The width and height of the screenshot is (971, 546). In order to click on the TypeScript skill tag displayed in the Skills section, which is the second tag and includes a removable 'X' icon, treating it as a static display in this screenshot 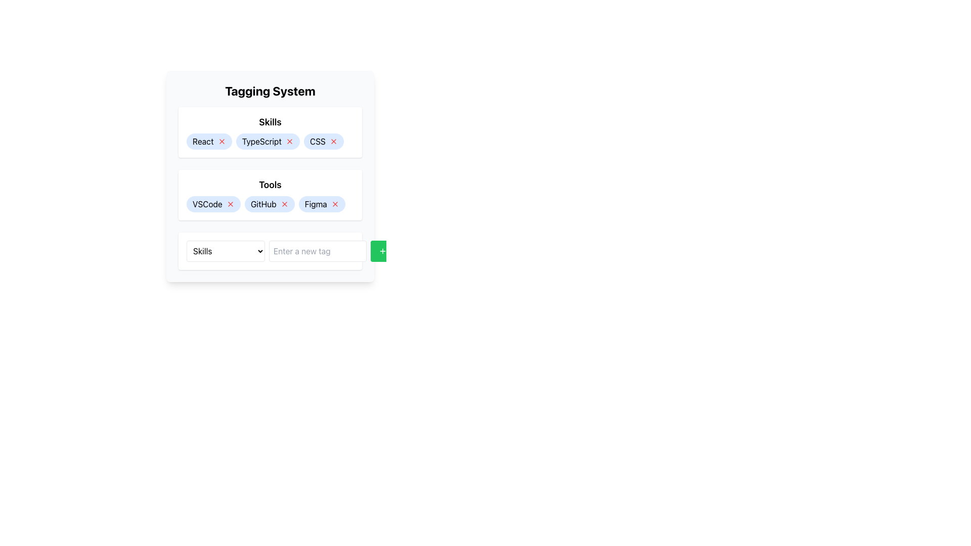, I will do `click(268, 142)`.